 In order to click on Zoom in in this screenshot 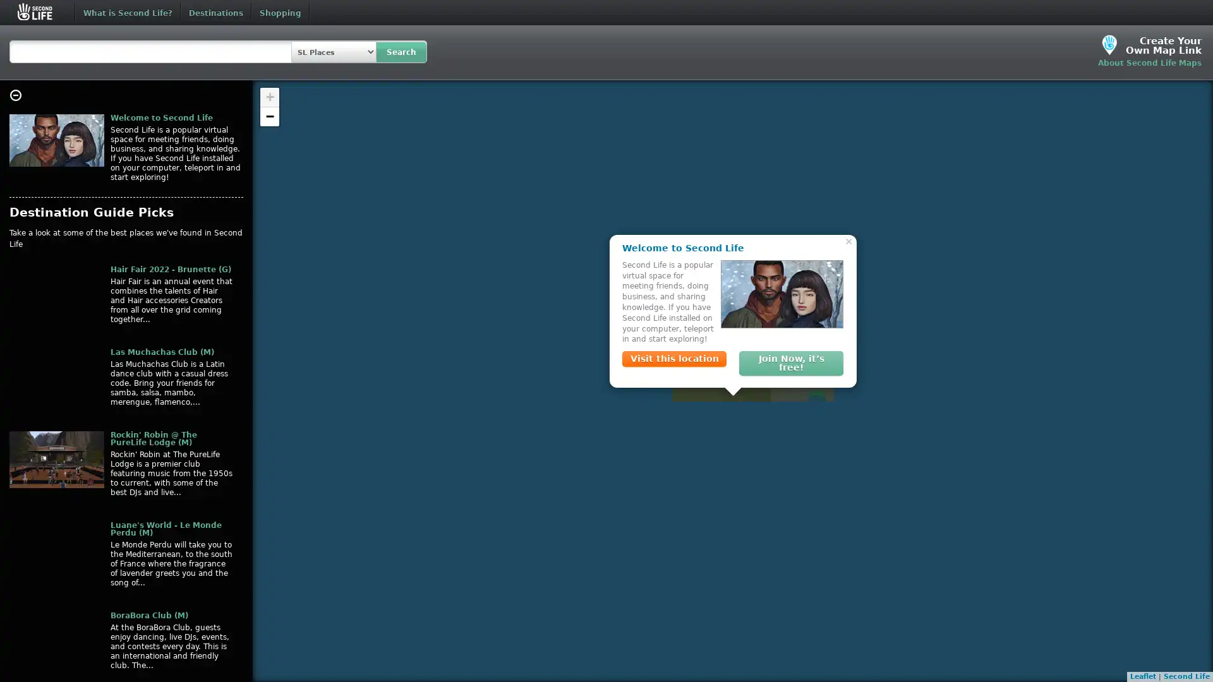, I will do `click(269, 97)`.